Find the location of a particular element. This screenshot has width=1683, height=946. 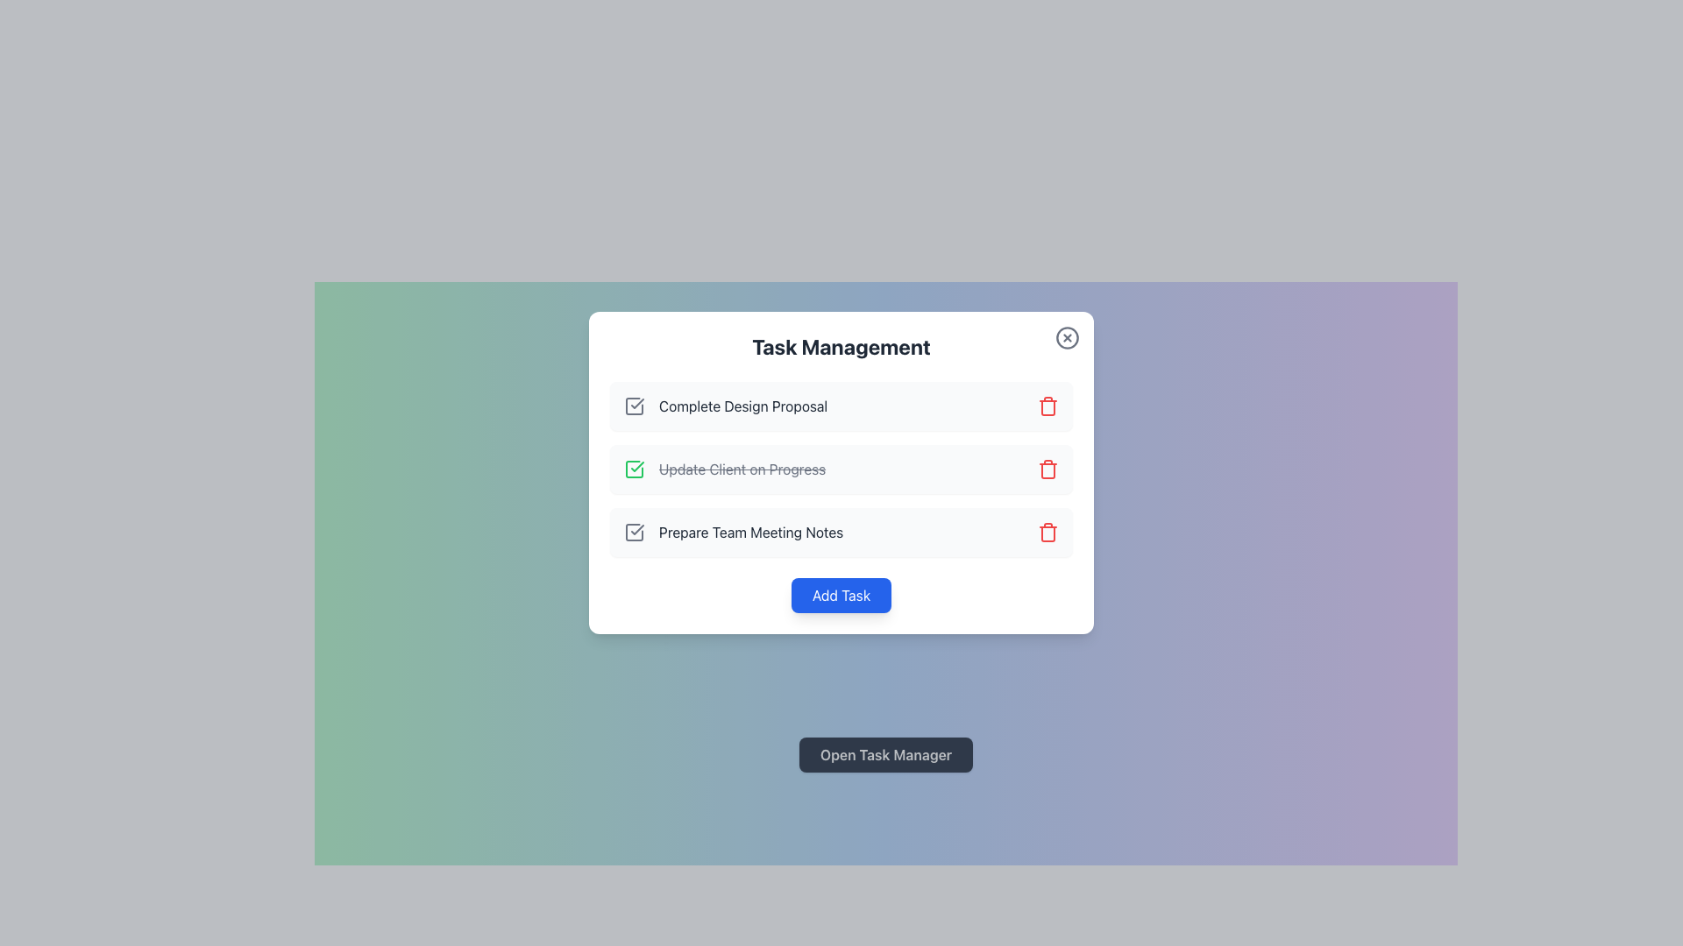

the trash can icon button at the far right of the 'Complete Design Proposal' row is located at coordinates (1047, 406).